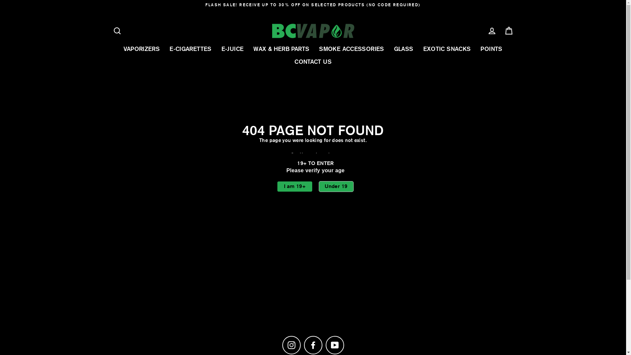 The height and width of the screenshot is (355, 631). I want to click on 'POINTS', so click(491, 48).